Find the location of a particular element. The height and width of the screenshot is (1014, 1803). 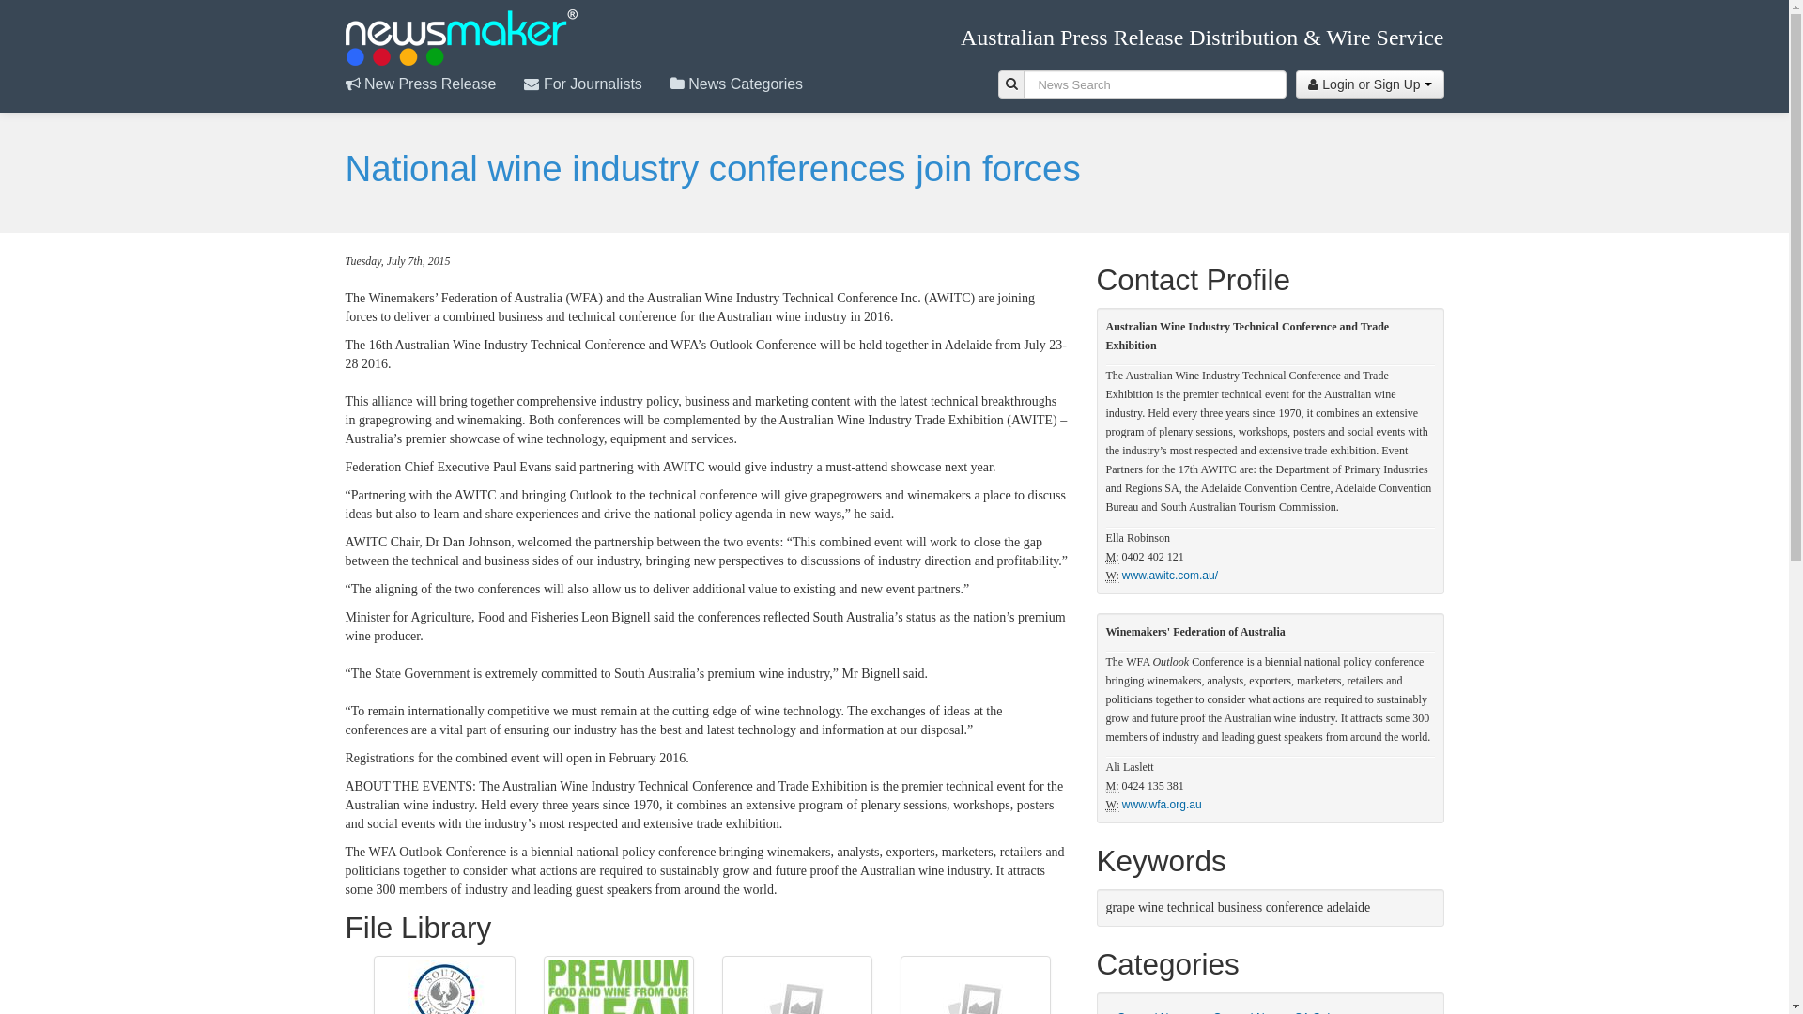

'www.wfa.org.au' is located at coordinates (1161, 803).